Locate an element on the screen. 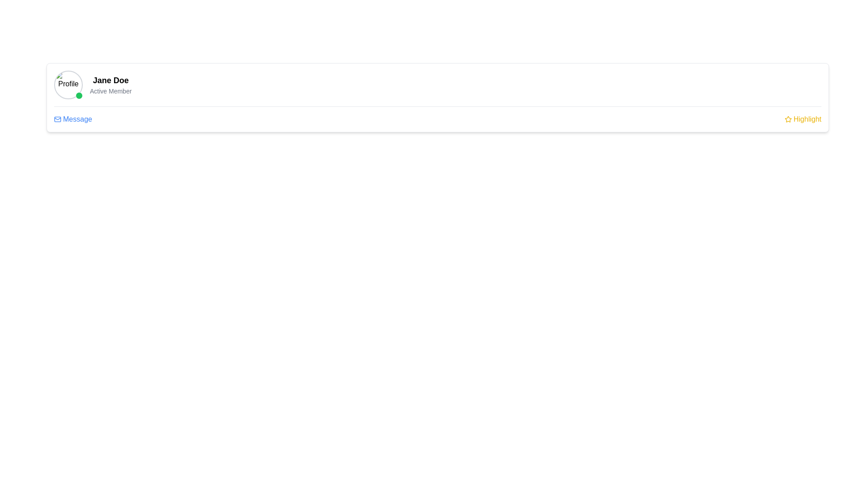  the status indicator located at the bottom-right corner of the circular profile picture to show the user's online status is located at coordinates (79, 95).